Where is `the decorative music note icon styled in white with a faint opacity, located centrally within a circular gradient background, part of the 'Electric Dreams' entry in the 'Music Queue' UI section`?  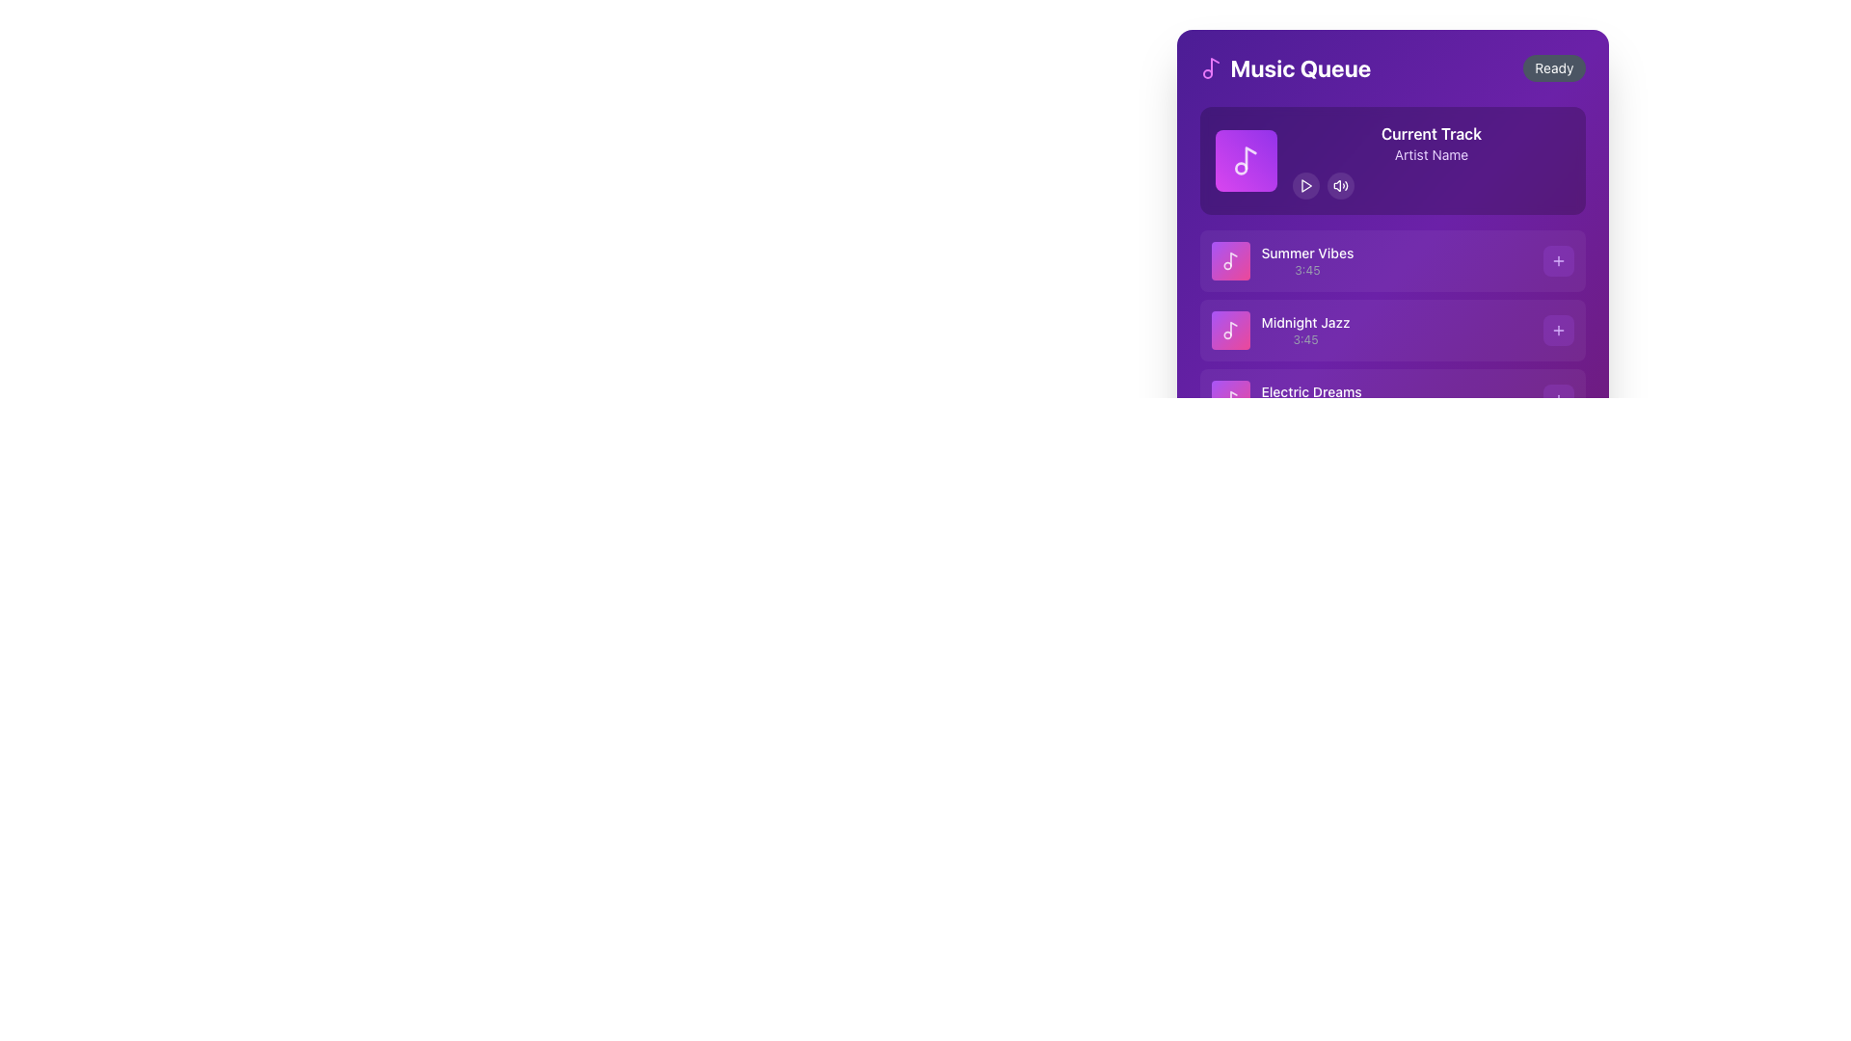
the decorative music note icon styled in white with a faint opacity, located centrally within a circular gradient background, part of the 'Electric Dreams' entry in the 'Music Queue' UI section is located at coordinates (1229, 399).